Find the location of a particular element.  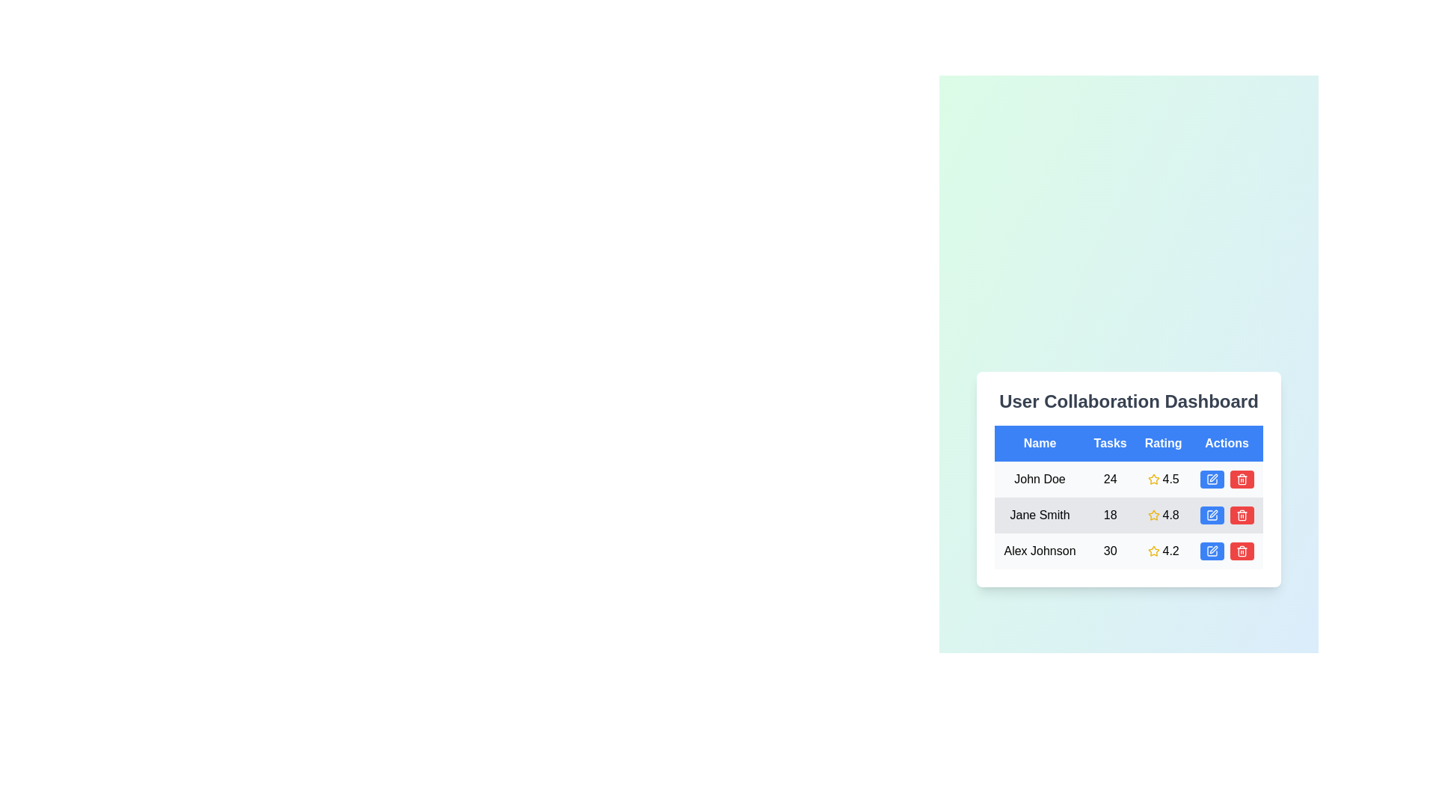

the edit icon button located in the 'Actions' column of the table for the row labeled 'Alex Johnson' to initiate the edit action is located at coordinates (1212, 551).